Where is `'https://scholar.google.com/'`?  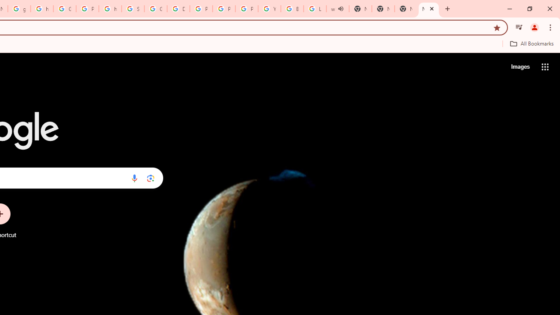
'https://scholar.google.com/' is located at coordinates (110, 9).